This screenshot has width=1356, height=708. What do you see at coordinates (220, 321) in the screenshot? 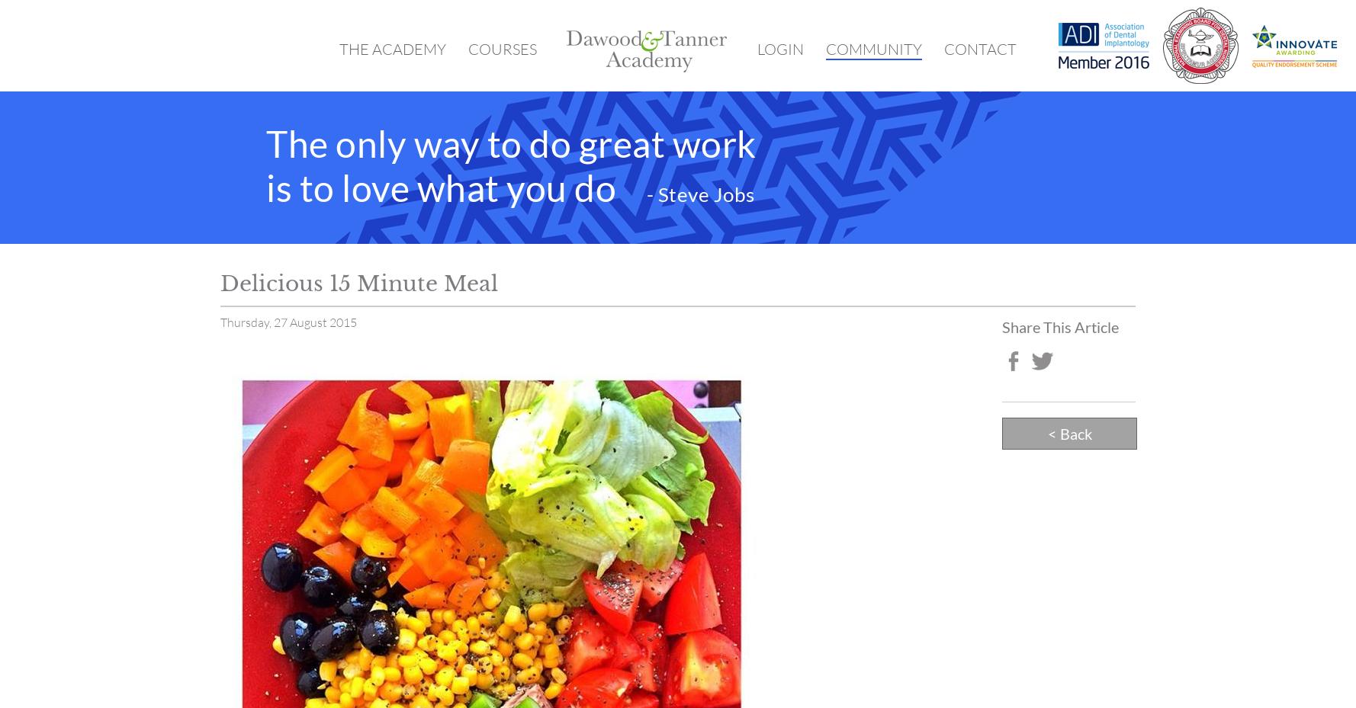
I see `'Thursday, 27 August 2015'` at bounding box center [220, 321].